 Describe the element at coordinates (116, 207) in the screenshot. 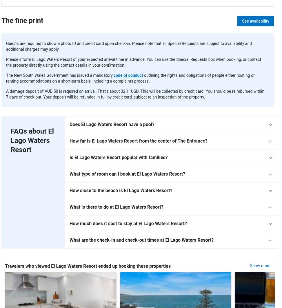

I see `'What is there to do at El Lago Waters Resort?'` at that location.